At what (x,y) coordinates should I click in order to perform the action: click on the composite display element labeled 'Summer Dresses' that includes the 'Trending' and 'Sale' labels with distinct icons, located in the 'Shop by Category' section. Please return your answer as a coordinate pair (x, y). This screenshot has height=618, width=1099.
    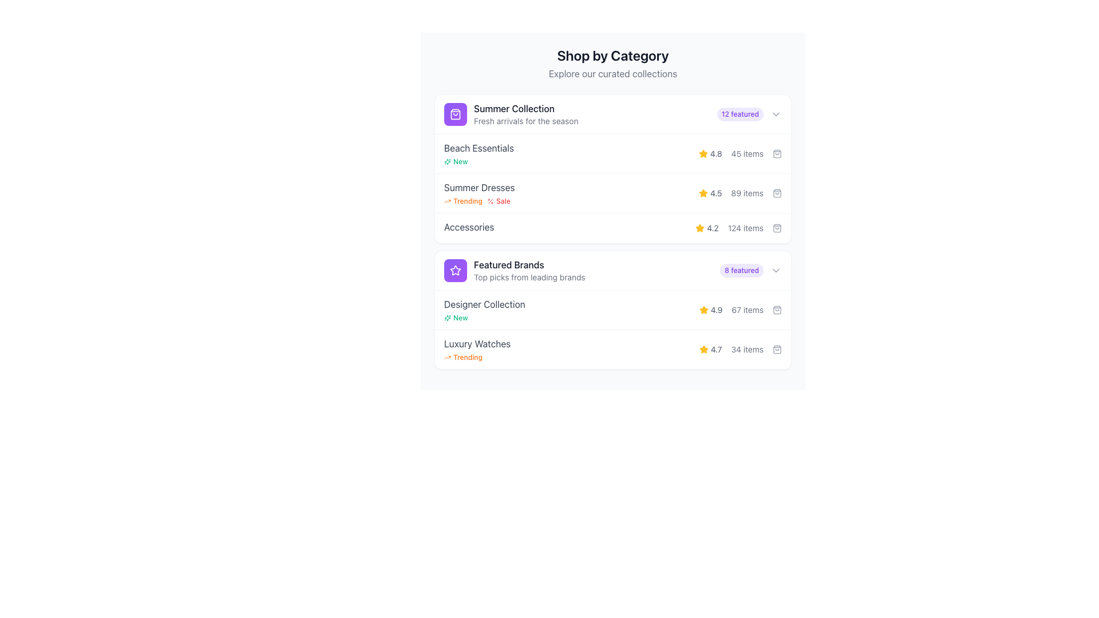
    Looking at the image, I should click on (479, 193).